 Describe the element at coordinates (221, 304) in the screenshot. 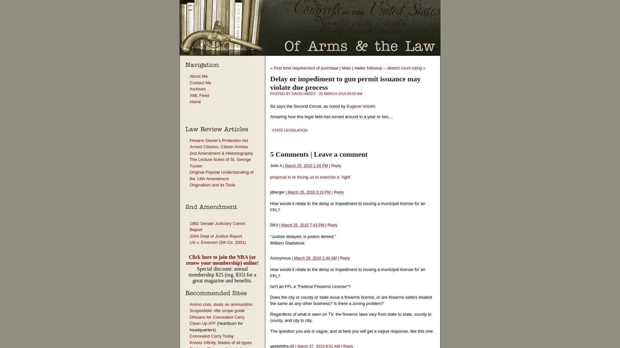

I see `'Ammo.com, deals on ammunition'` at that location.